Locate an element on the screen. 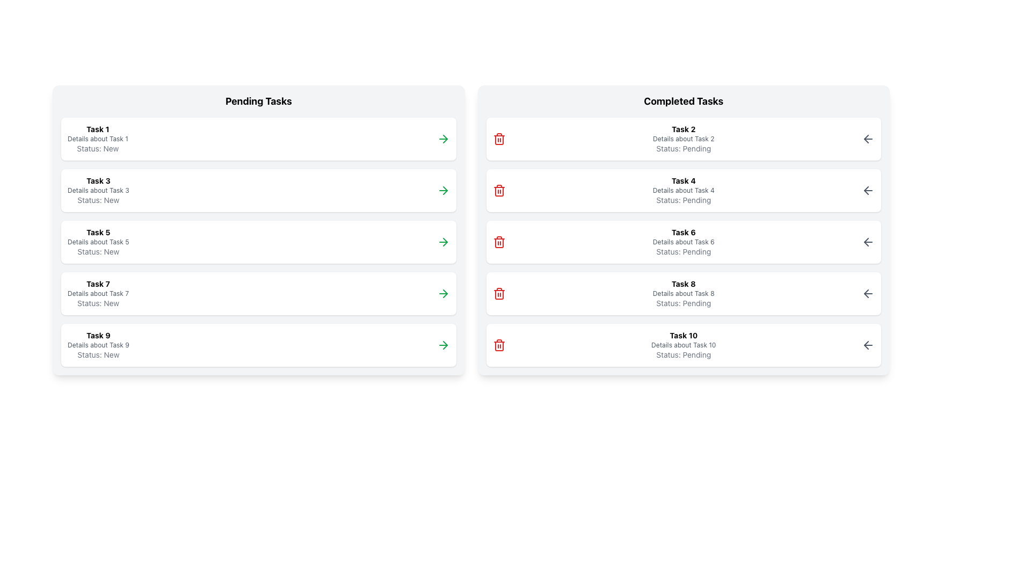 The width and height of the screenshot is (1031, 580). the third list item in the 'Pending Tasks' panel is located at coordinates (258, 242).